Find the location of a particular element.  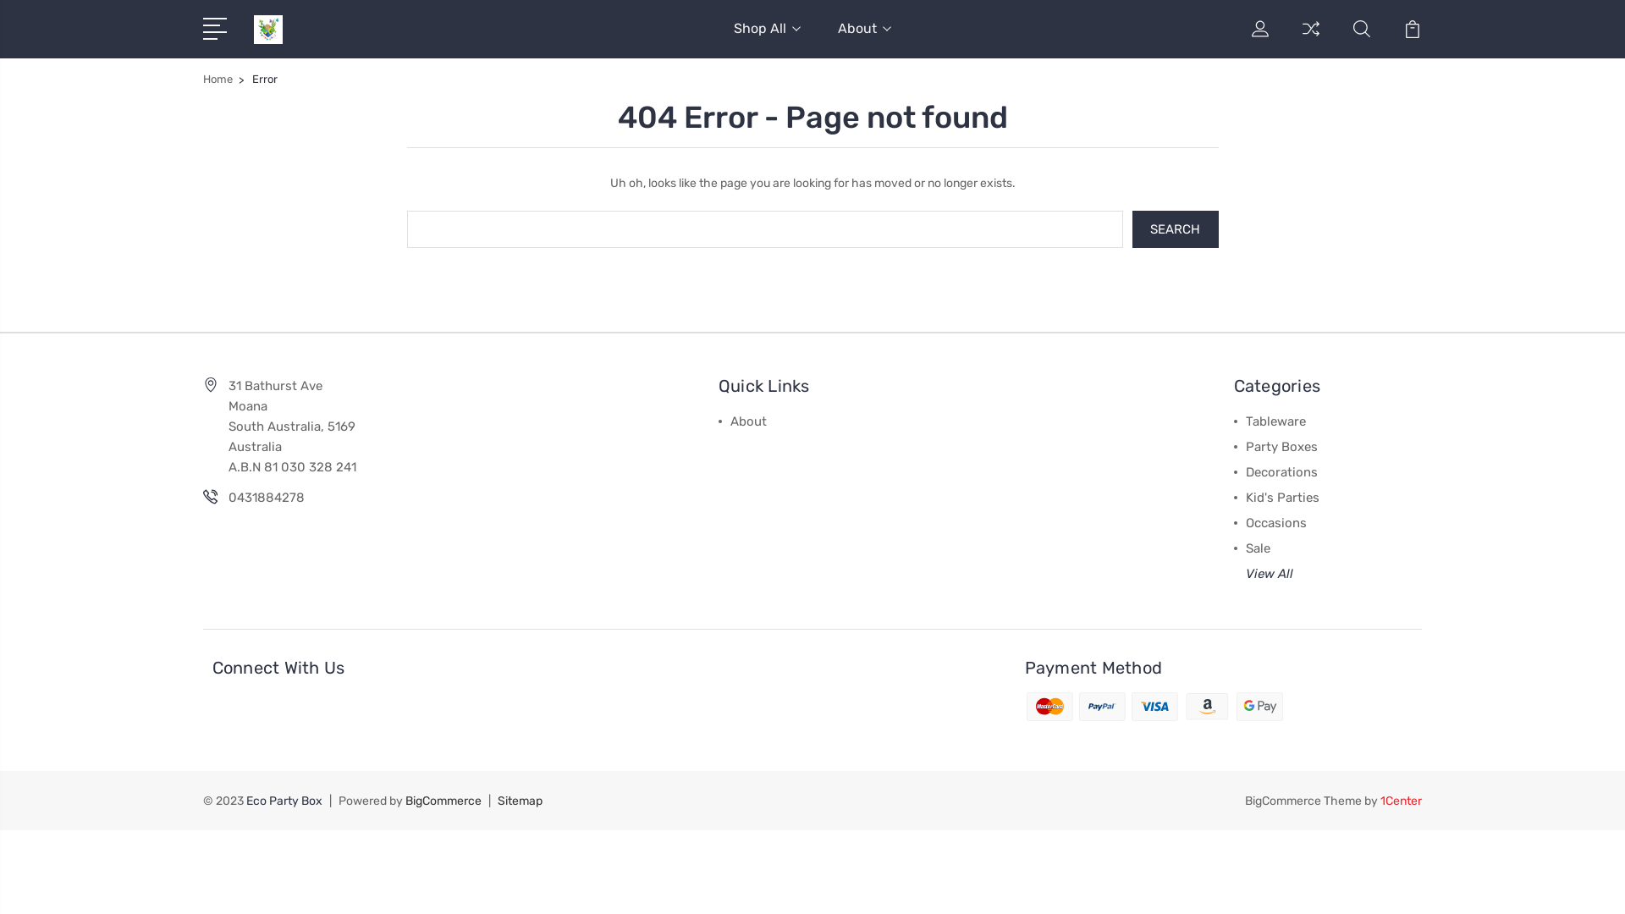

'View All' is located at coordinates (1269, 572).